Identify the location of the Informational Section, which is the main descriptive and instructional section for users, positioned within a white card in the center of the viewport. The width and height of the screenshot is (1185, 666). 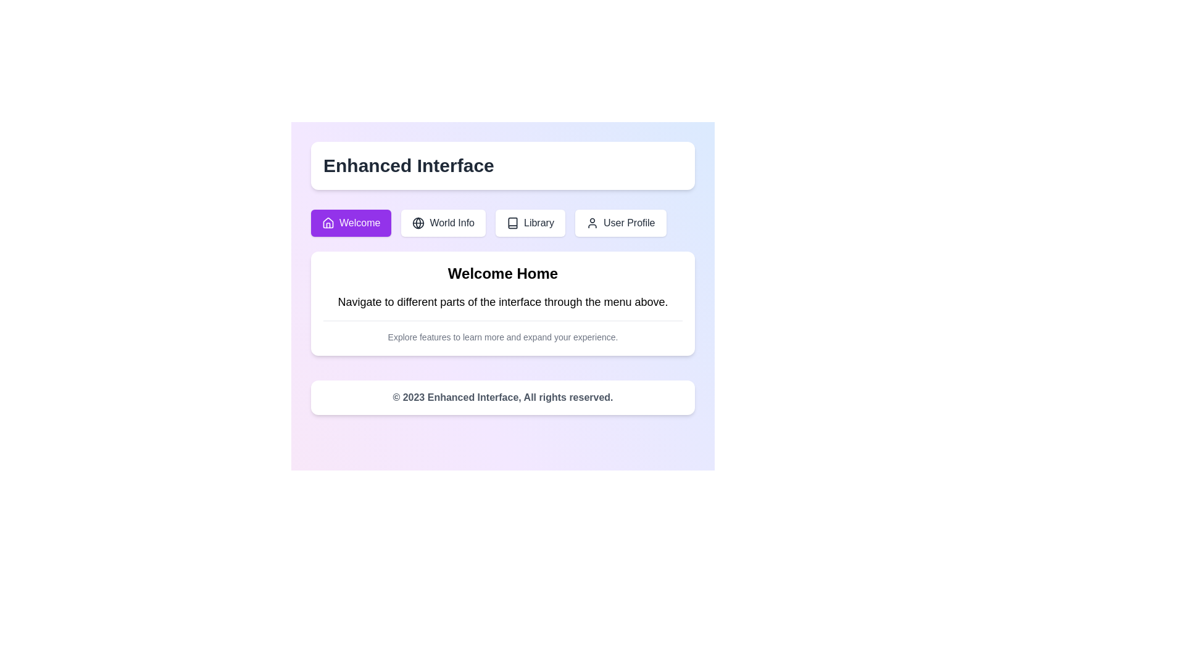
(503, 303).